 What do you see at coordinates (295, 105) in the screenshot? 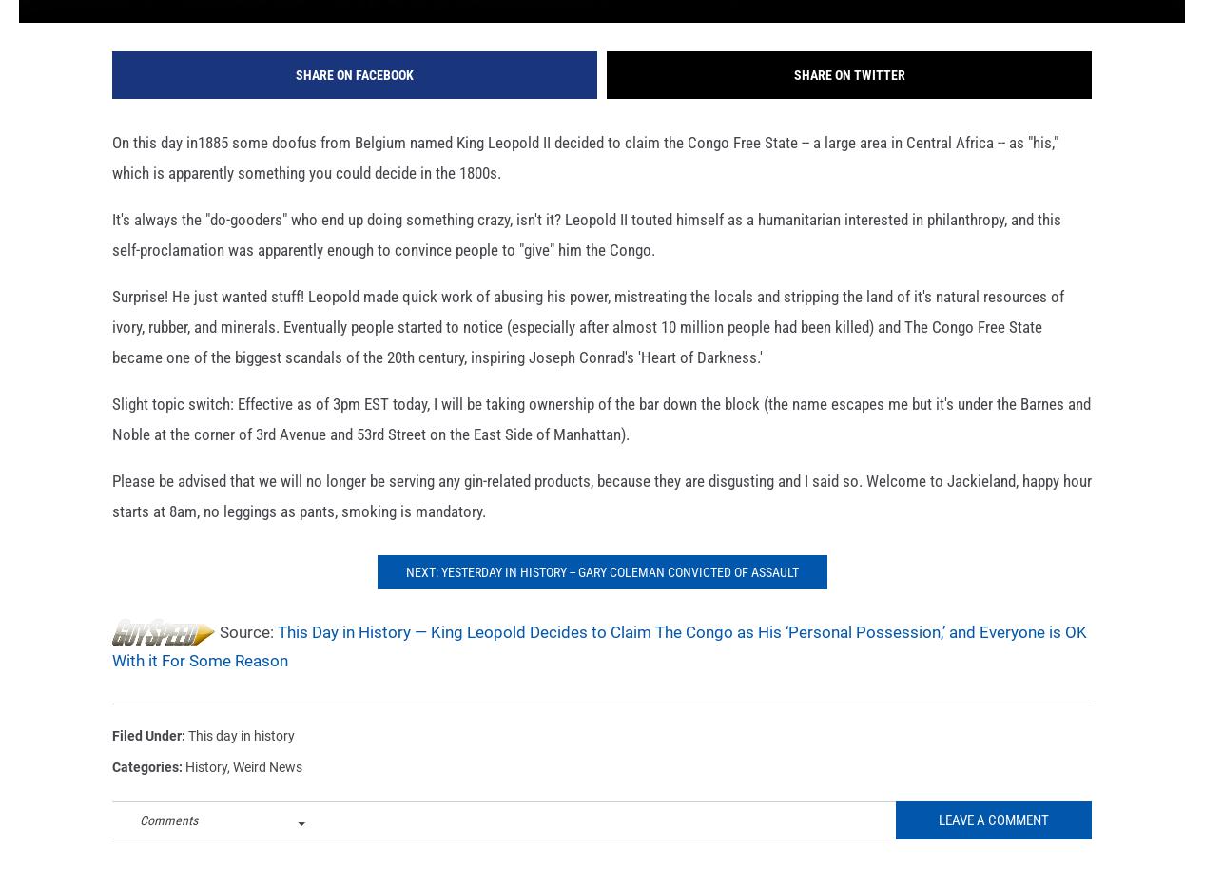
I see `'Share on Facebook'` at bounding box center [295, 105].